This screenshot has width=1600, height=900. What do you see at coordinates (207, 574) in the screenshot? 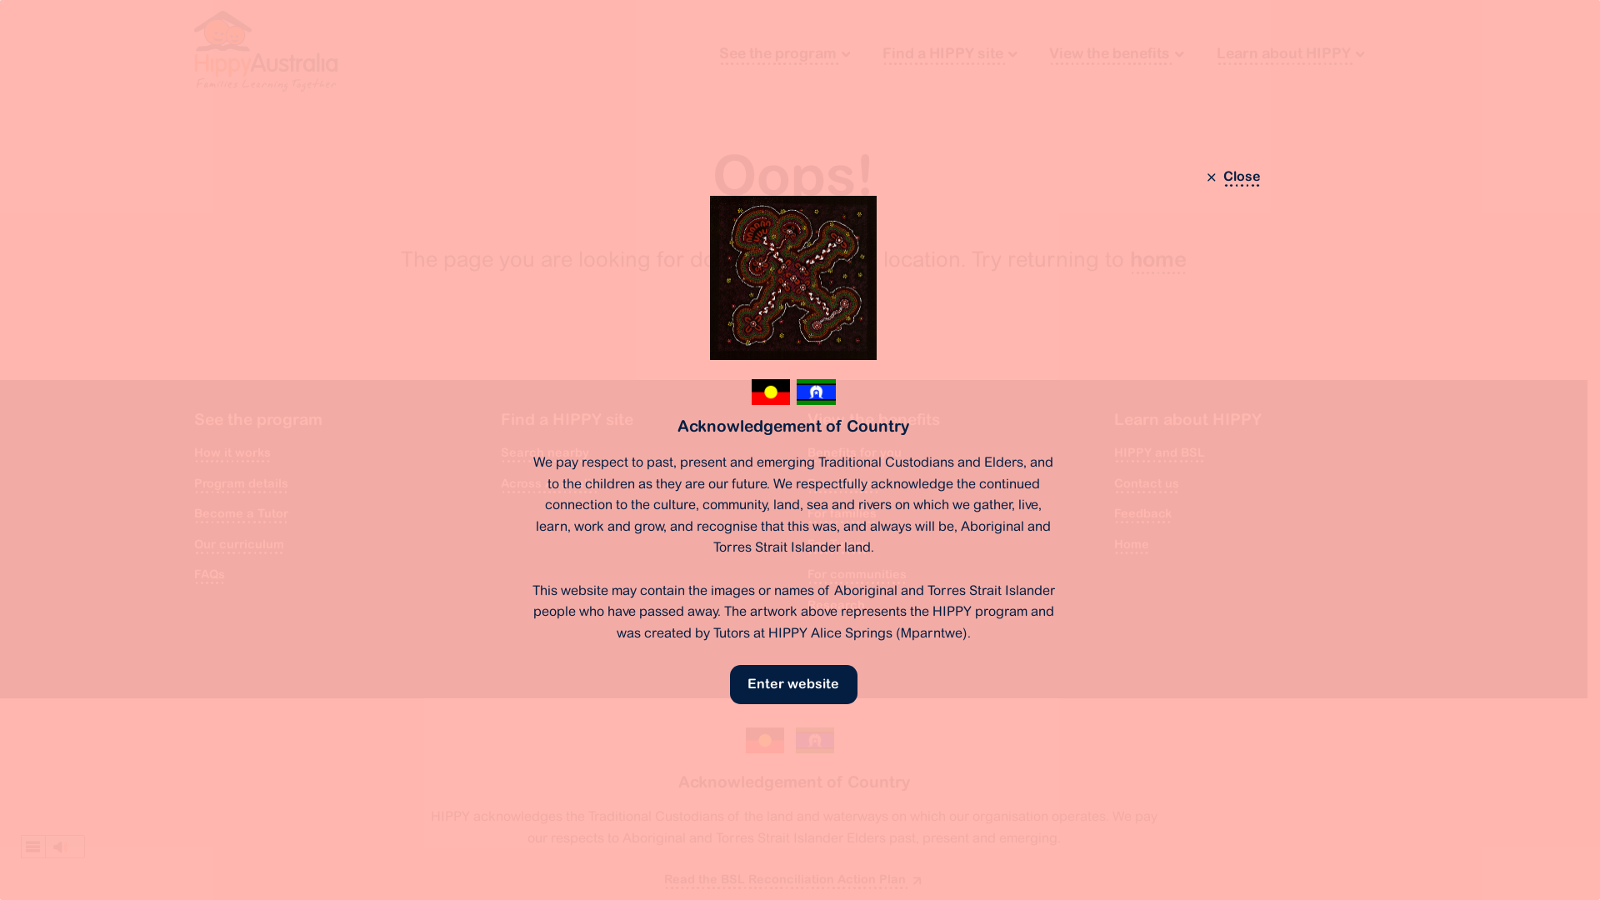
I see `'FAQs'` at bounding box center [207, 574].